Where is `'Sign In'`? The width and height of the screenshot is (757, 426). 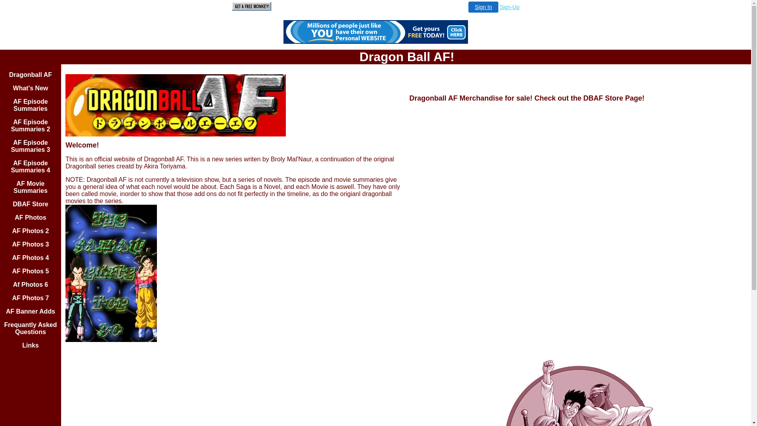
'Sign In' is located at coordinates (483, 7).